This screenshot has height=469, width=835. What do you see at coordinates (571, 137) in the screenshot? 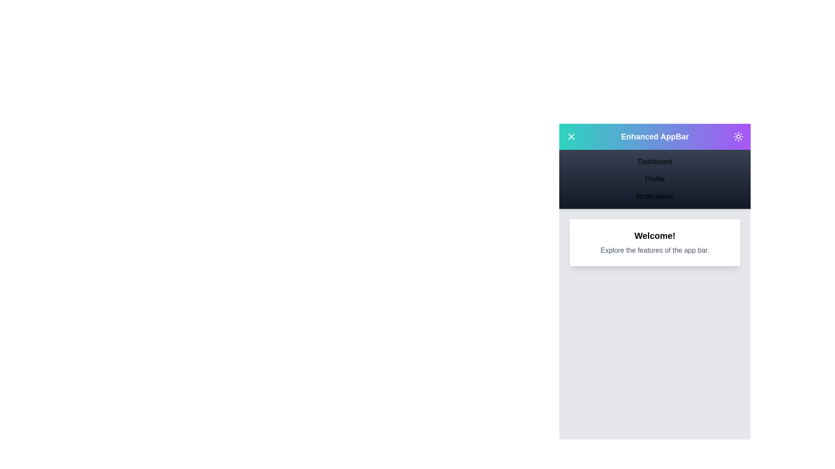
I see `the menu button to toggle the menu visibility` at bounding box center [571, 137].